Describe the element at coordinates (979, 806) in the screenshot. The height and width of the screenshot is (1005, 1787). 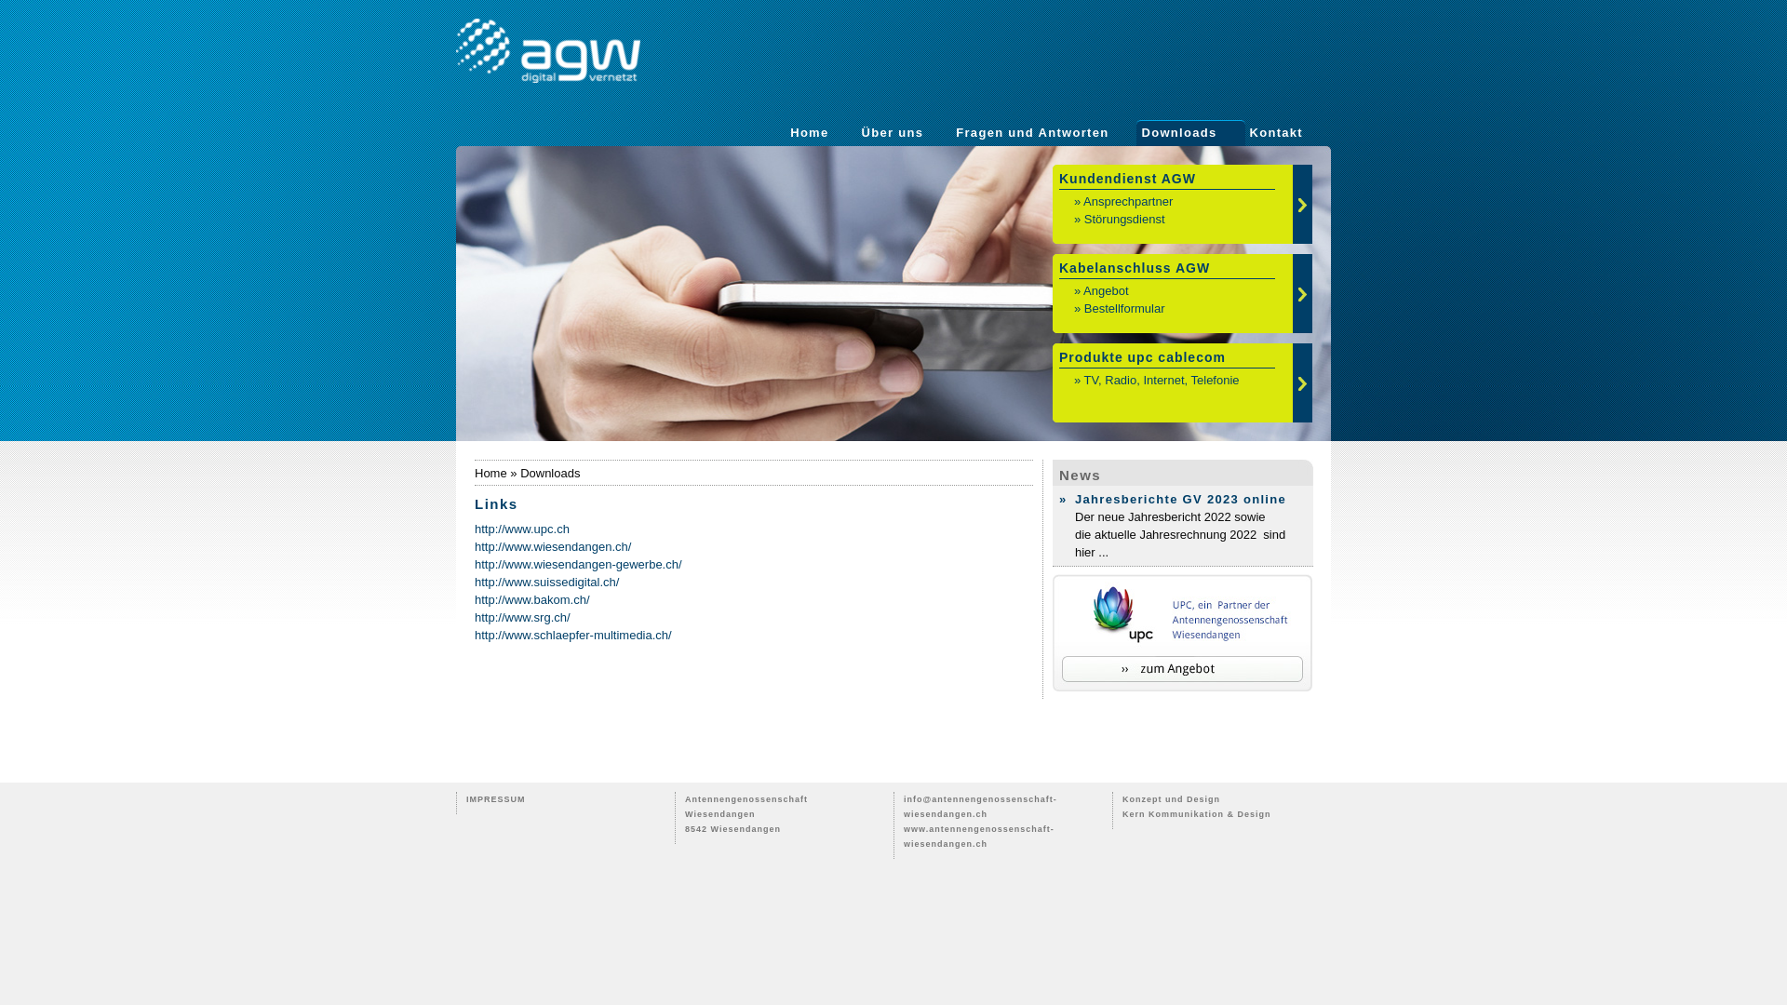
I see `'info@antennengenossenschaft-wiesendangen.ch'` at that location.